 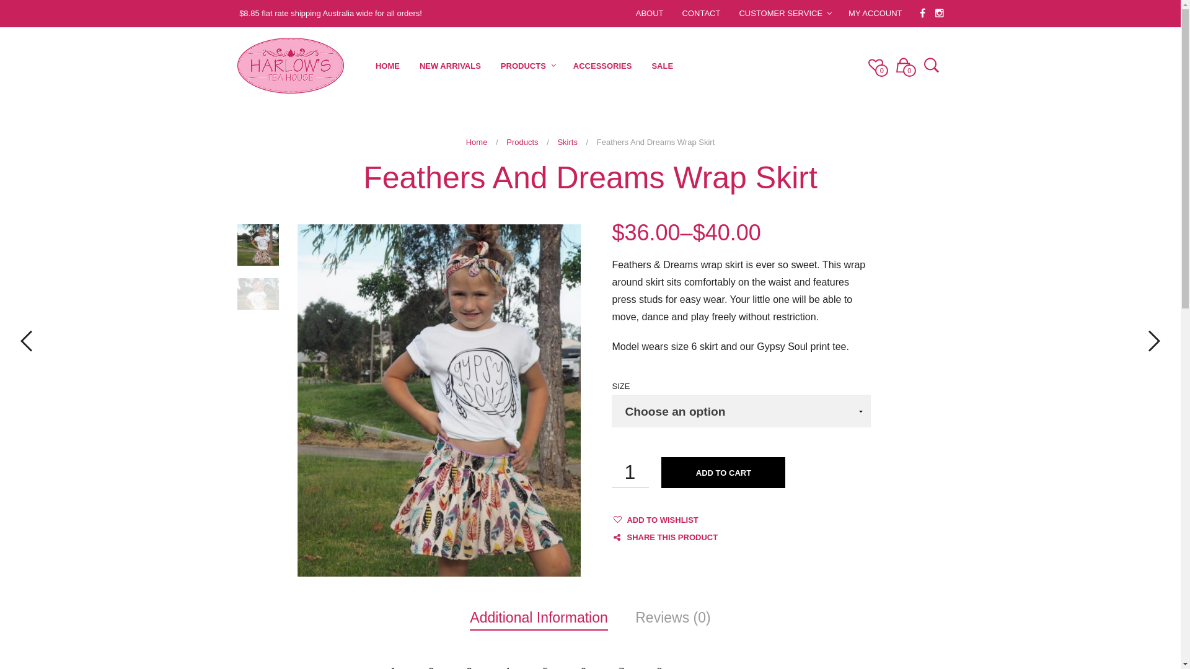 I want to click on 'PRODUCTS', so click(x=523, y=66).